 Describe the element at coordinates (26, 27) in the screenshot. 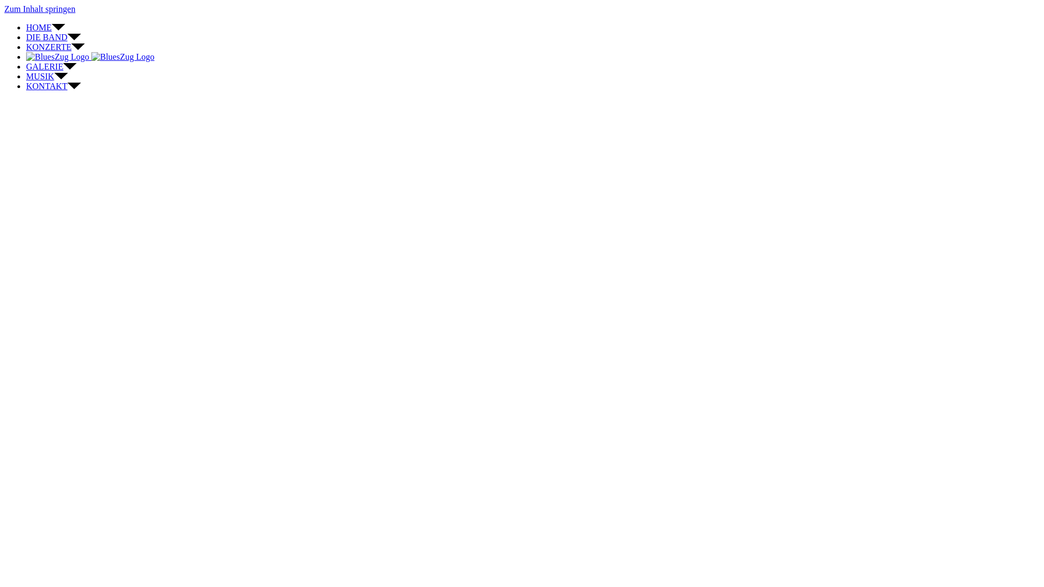

I see `'HOME'` at that location.